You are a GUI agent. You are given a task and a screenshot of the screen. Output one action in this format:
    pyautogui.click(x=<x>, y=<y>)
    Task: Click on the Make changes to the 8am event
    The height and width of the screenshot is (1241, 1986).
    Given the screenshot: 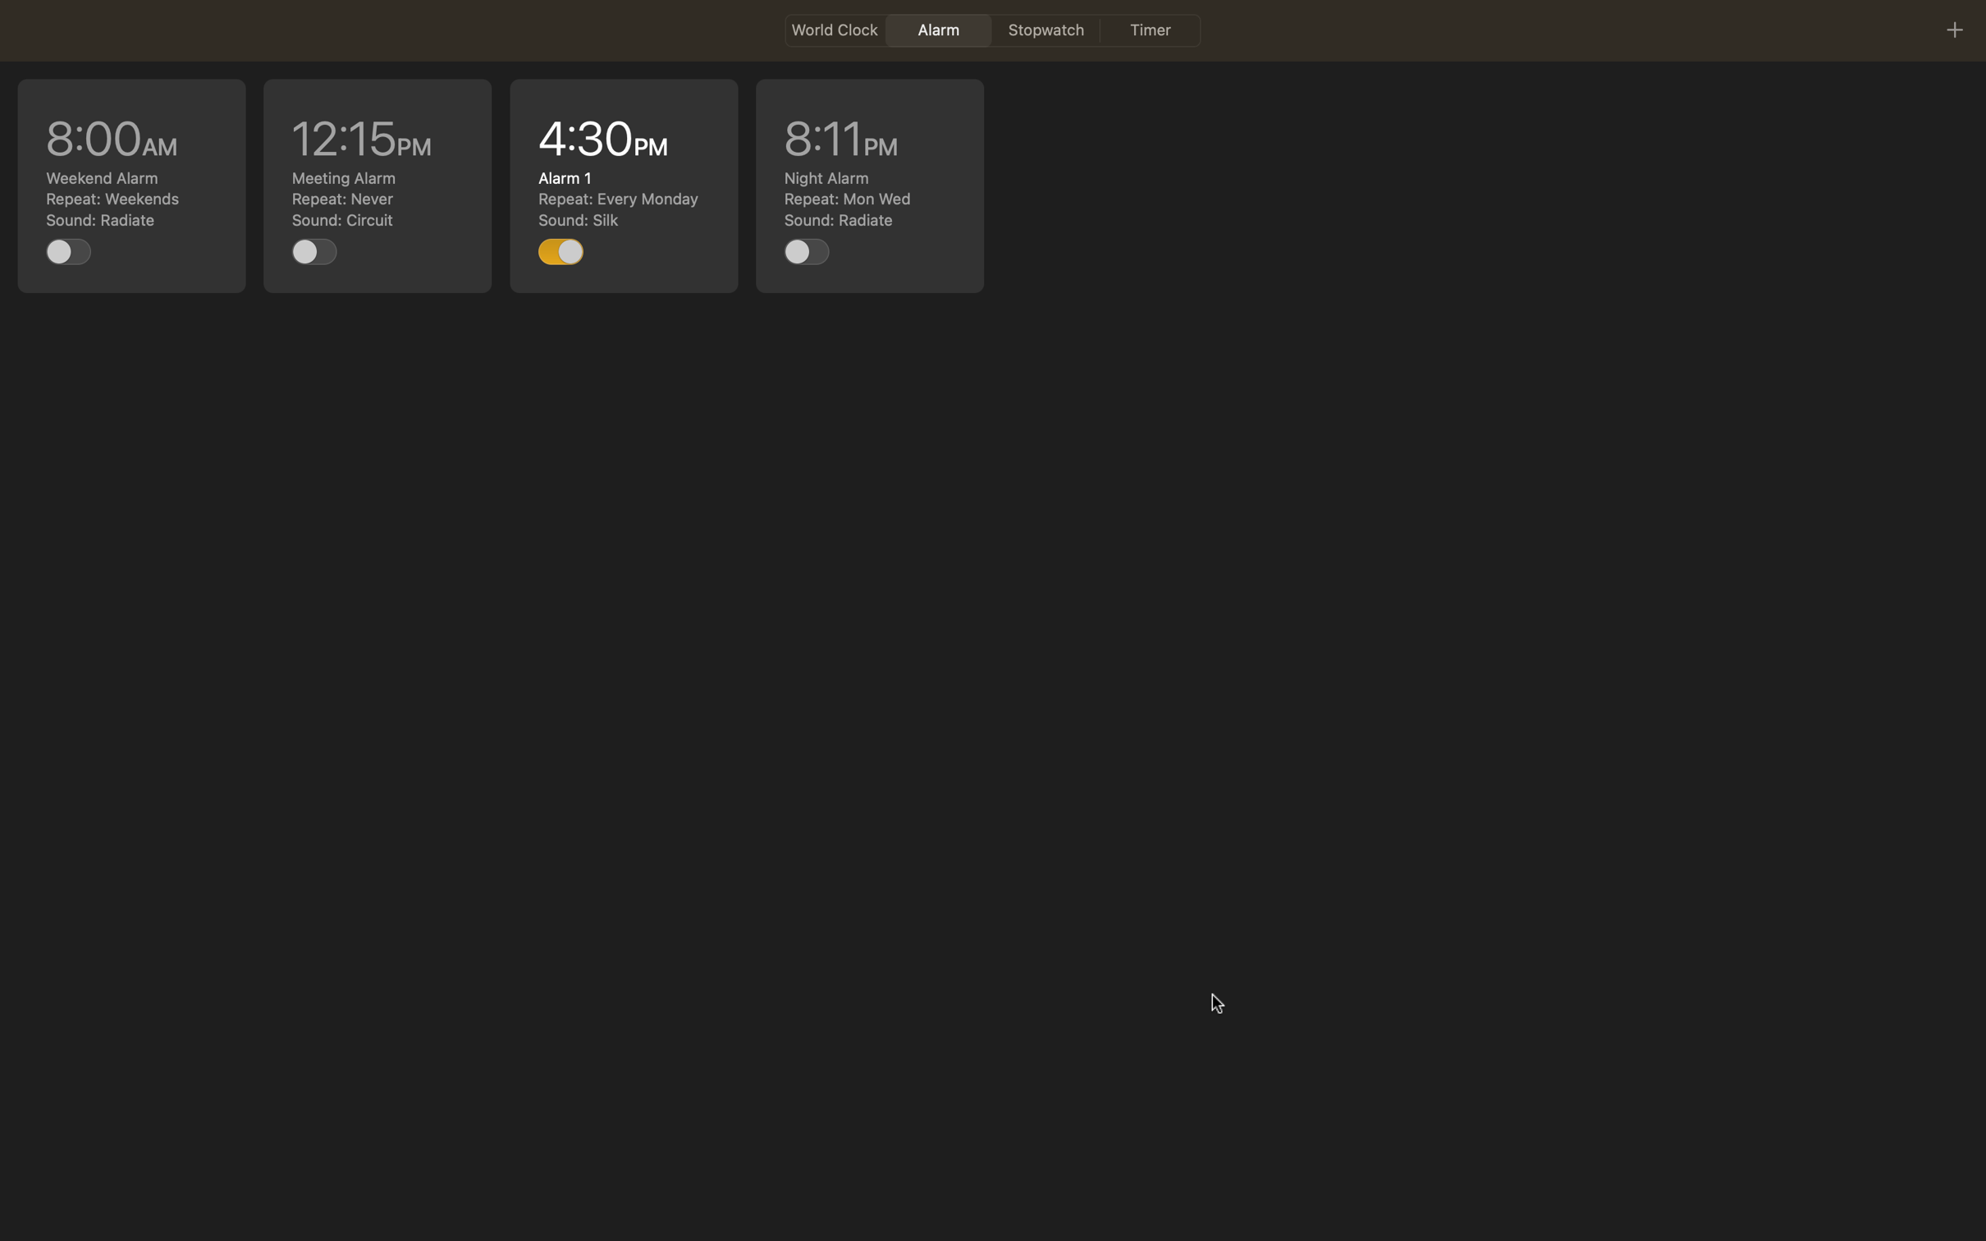 What is the action you would take?
    pyautogui.click(x=132, y=185)
    